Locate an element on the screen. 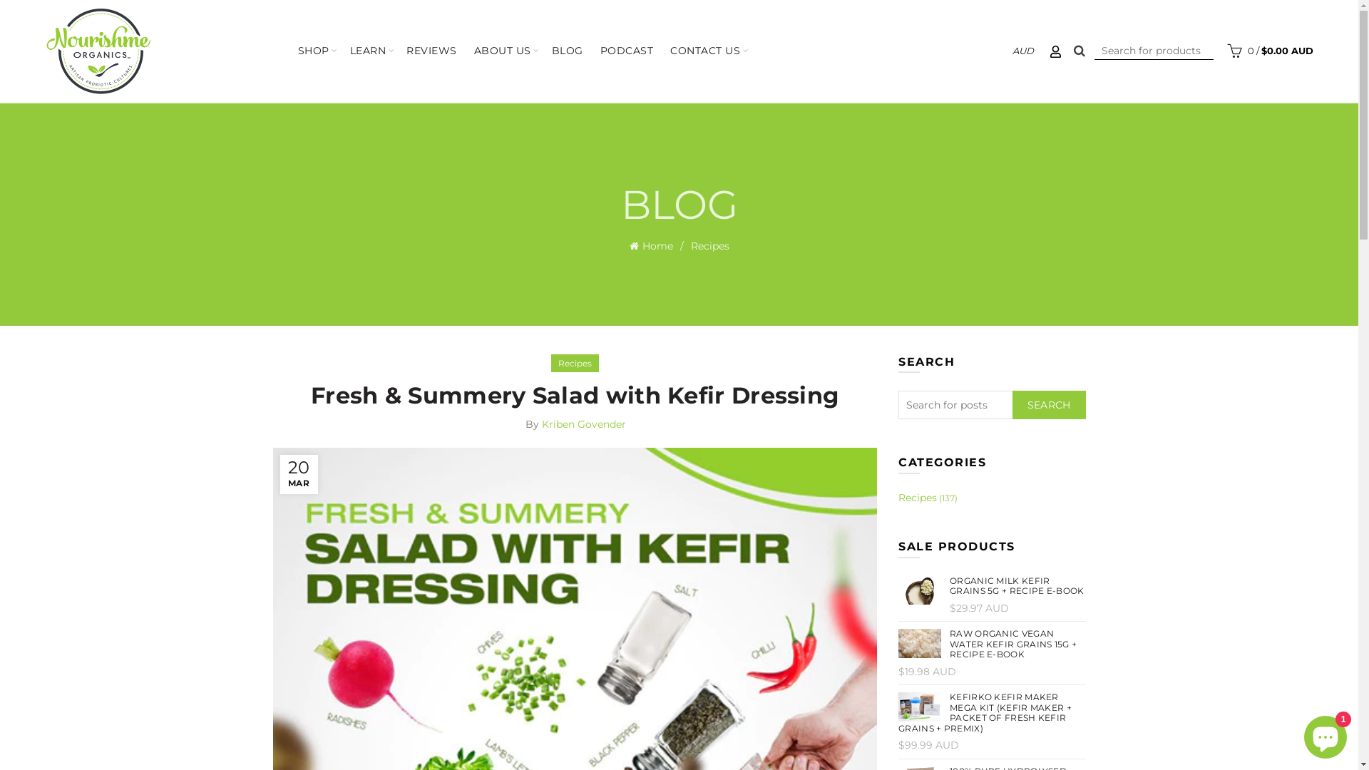 The height and width of the screenshot is (770, 1369). 'Shopify online store chat' is located at coordinates (1300, 734).